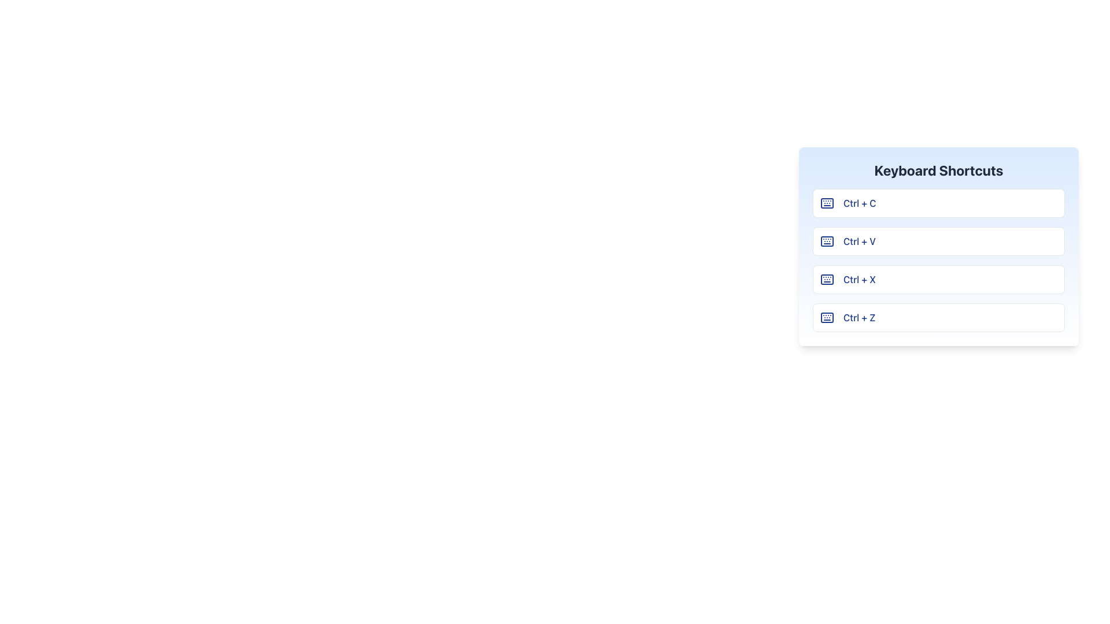 This screenshot has height=624, width=1110. I want to click on the keyboard shortcut icon indicating 'Ctrl + C', located at the leftmost position of the first shortcut row, so click(826, 202).